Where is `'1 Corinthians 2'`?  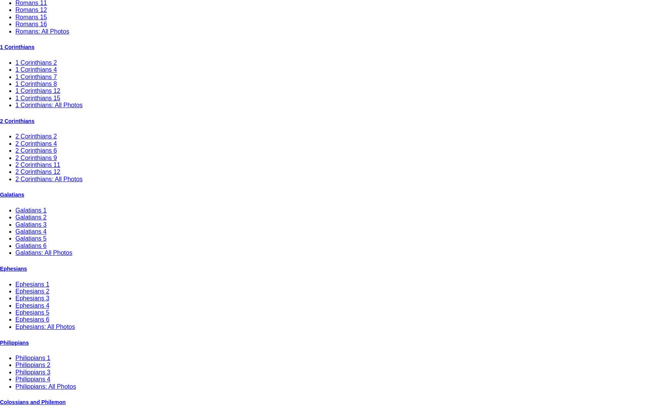 '1 Corinthians 2' is located at coordinates (36, 62).